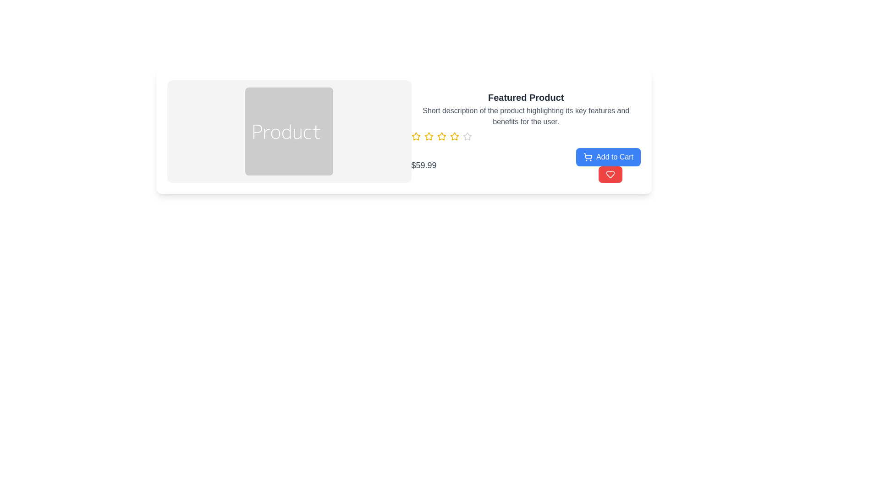 Image resolution: width=880 pixels, height=495 pixels. What do you see at coordinates (526, 115) in the screenshot?
I see `the medium-gray text description located below the 'Featured Product' heading, which provides key features and benefits of the product` at bounding box center [526, 115].